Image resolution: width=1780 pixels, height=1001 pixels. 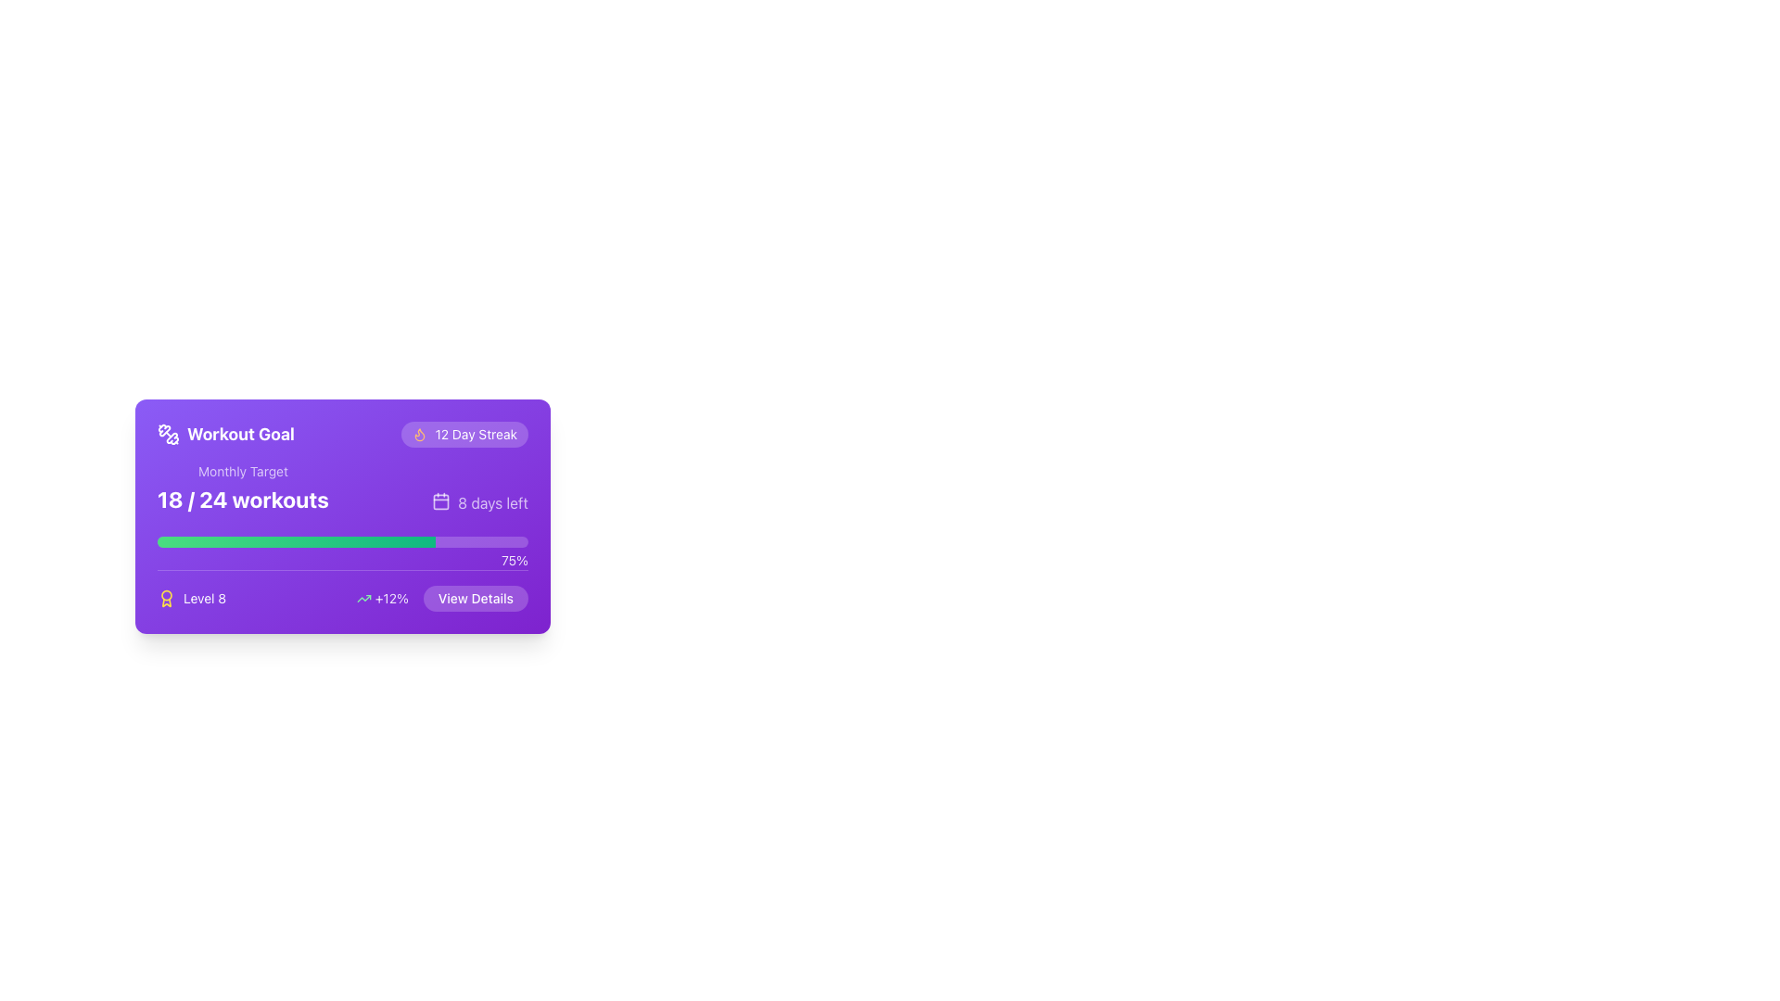 What do you see at coordinates (297, 542) in the screenshot?
I see `the progress bar segment indicating 75% completion, which is positioned above the text displaying '18/24 workouts' and '75%'` at bounding box center [297, 542].